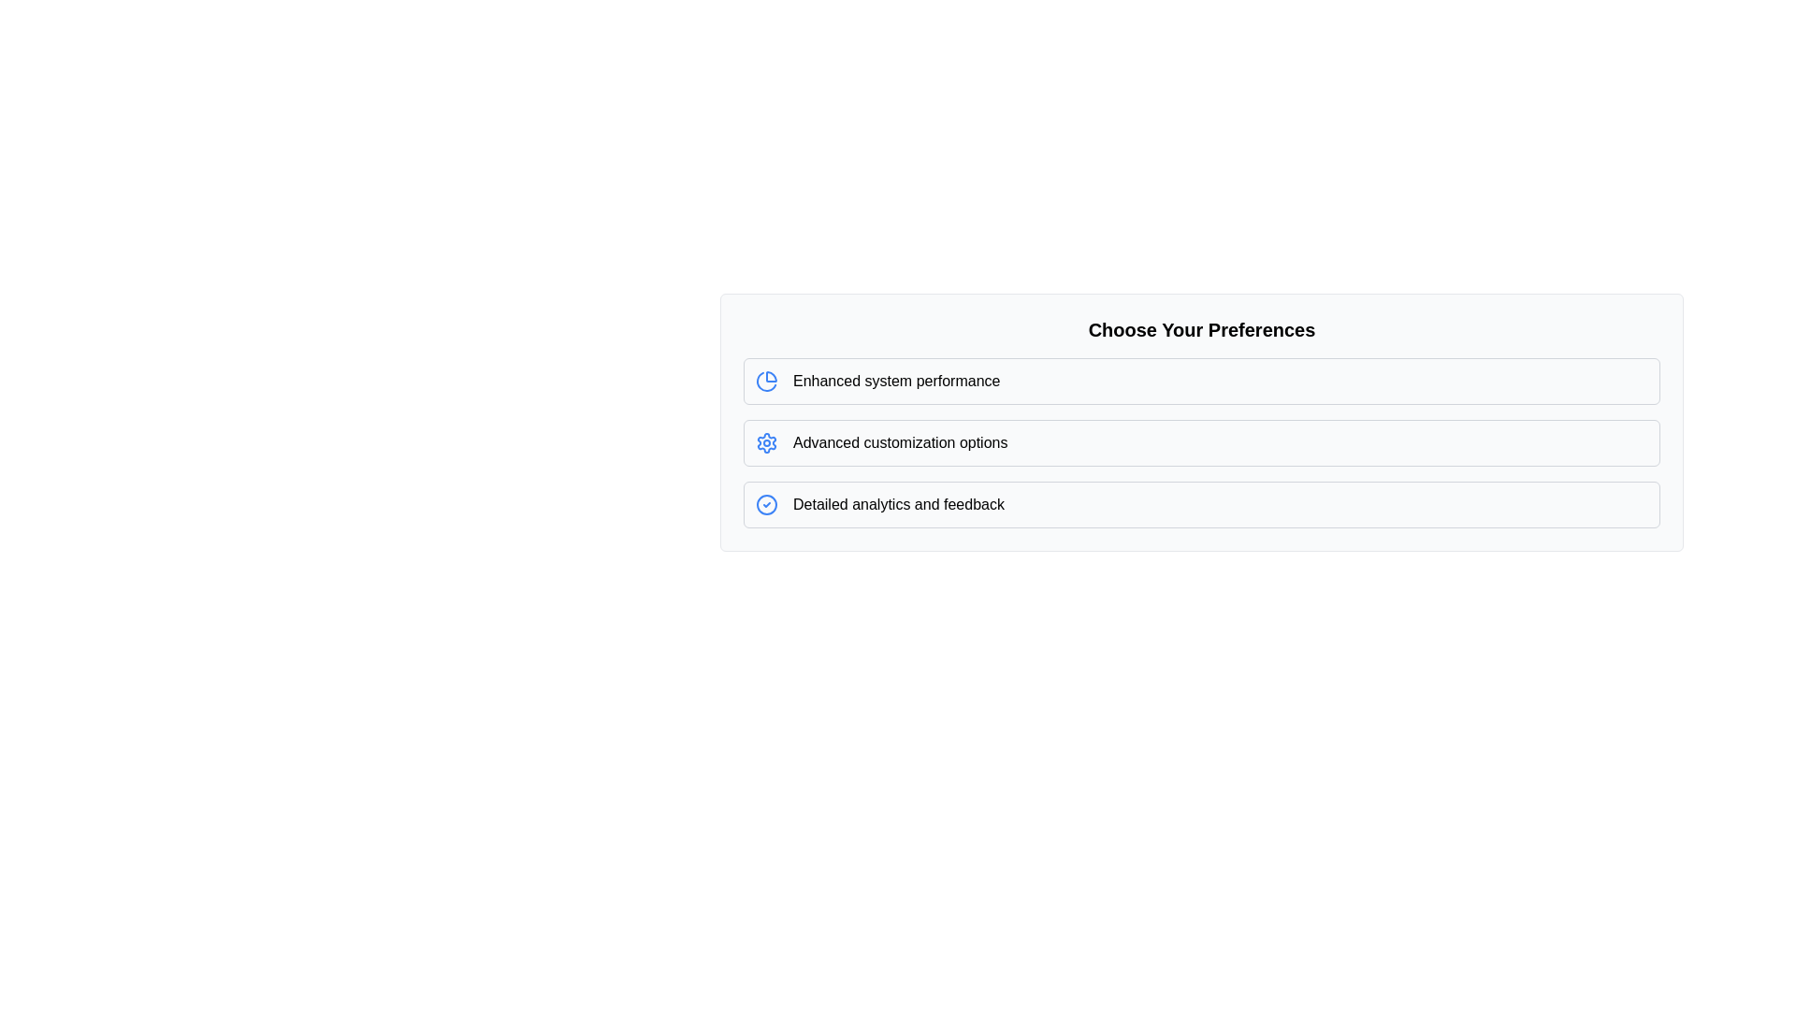  Describe the element at coordinates (767, 443) in the screenshot. I see `the blue gear icon located on the left side of the 'Advanced customization options' row` at that location.